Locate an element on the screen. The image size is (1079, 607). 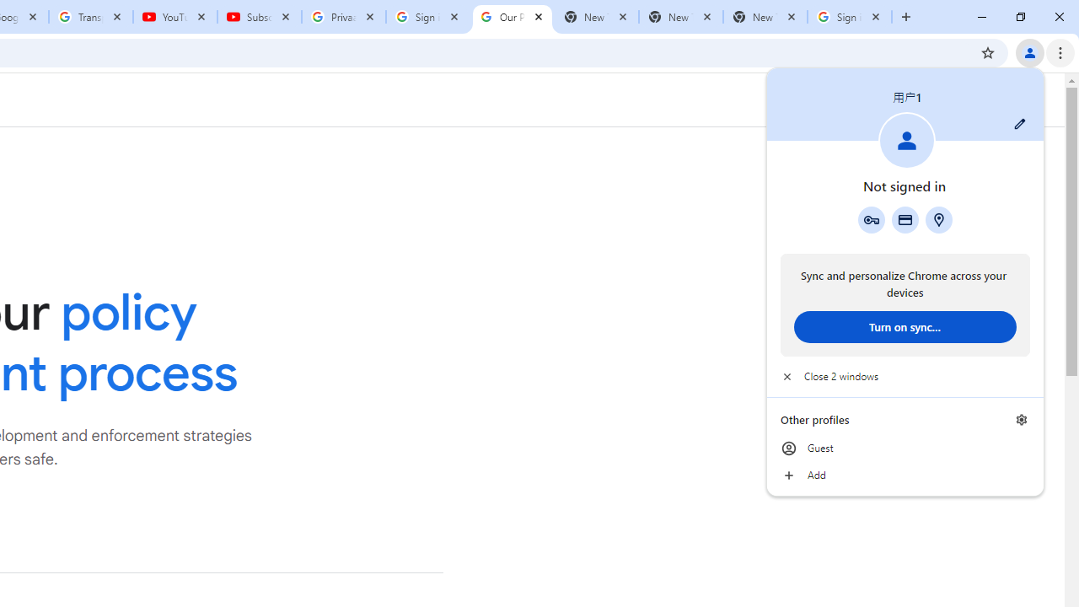
'YouTube' is located at coordinates (175, 17).